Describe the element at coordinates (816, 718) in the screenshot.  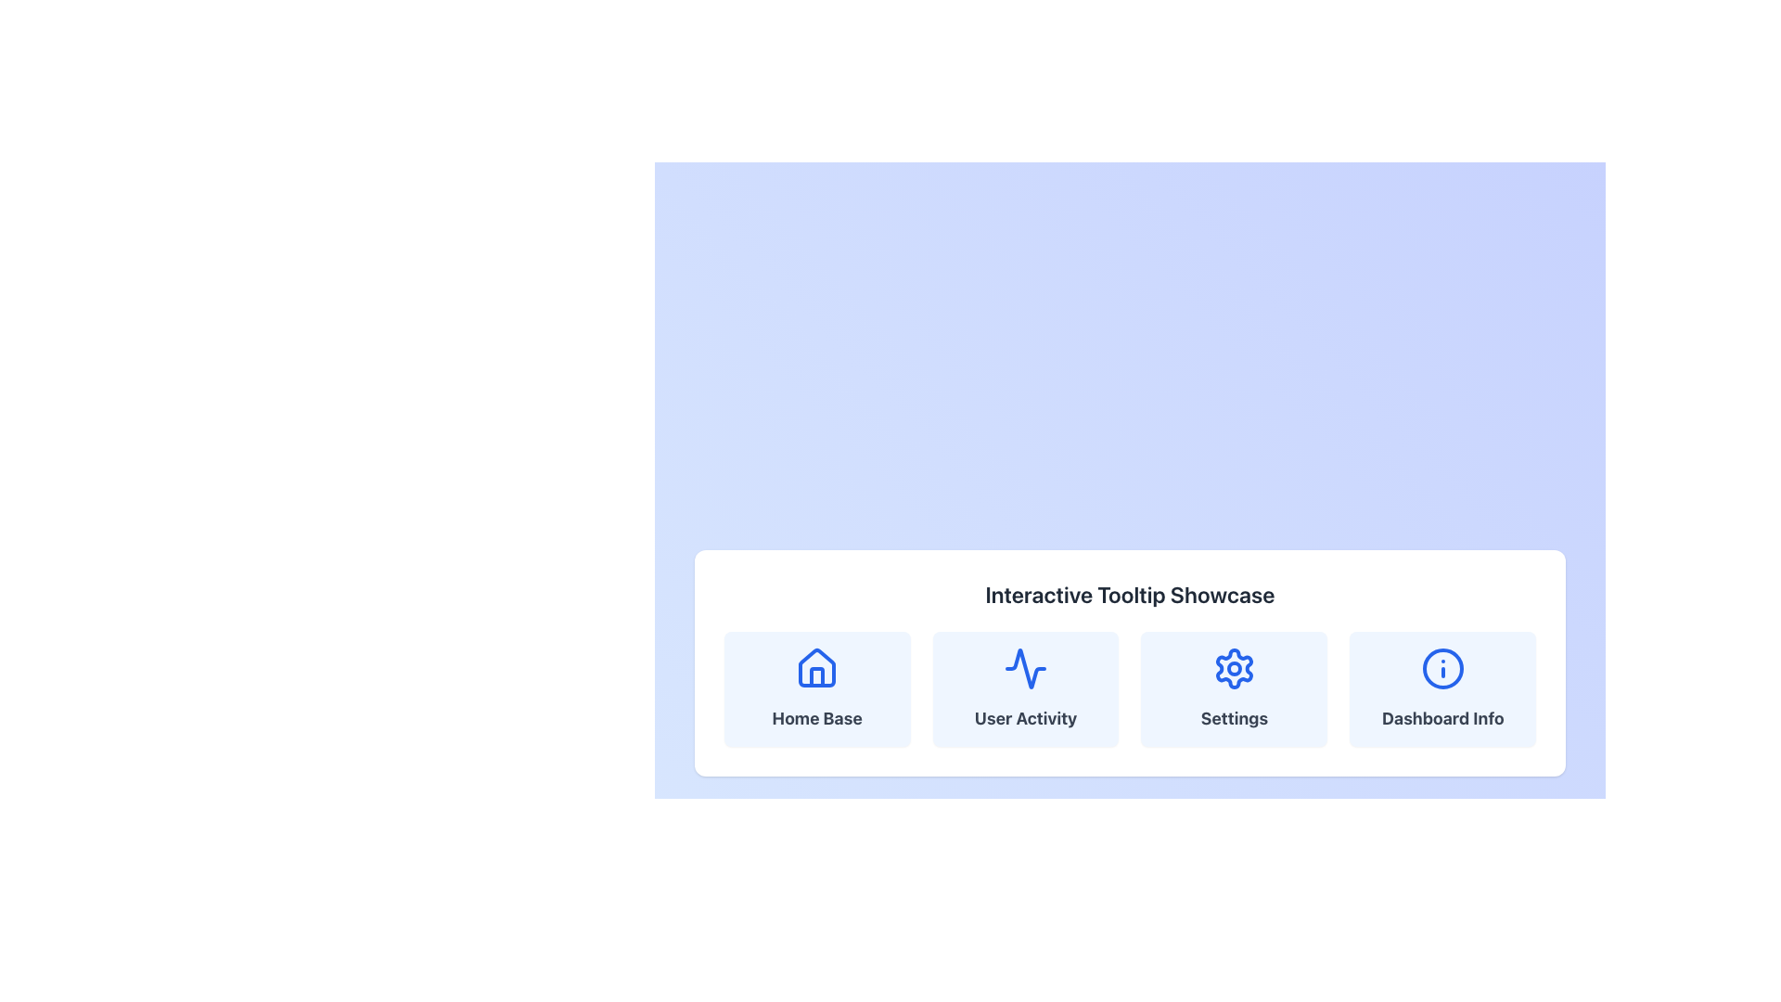
I see `text label that describes the functionality of the 'Home Base' icon, located at the bottom of the first column in the horizontal layout of labeled items` at that location.